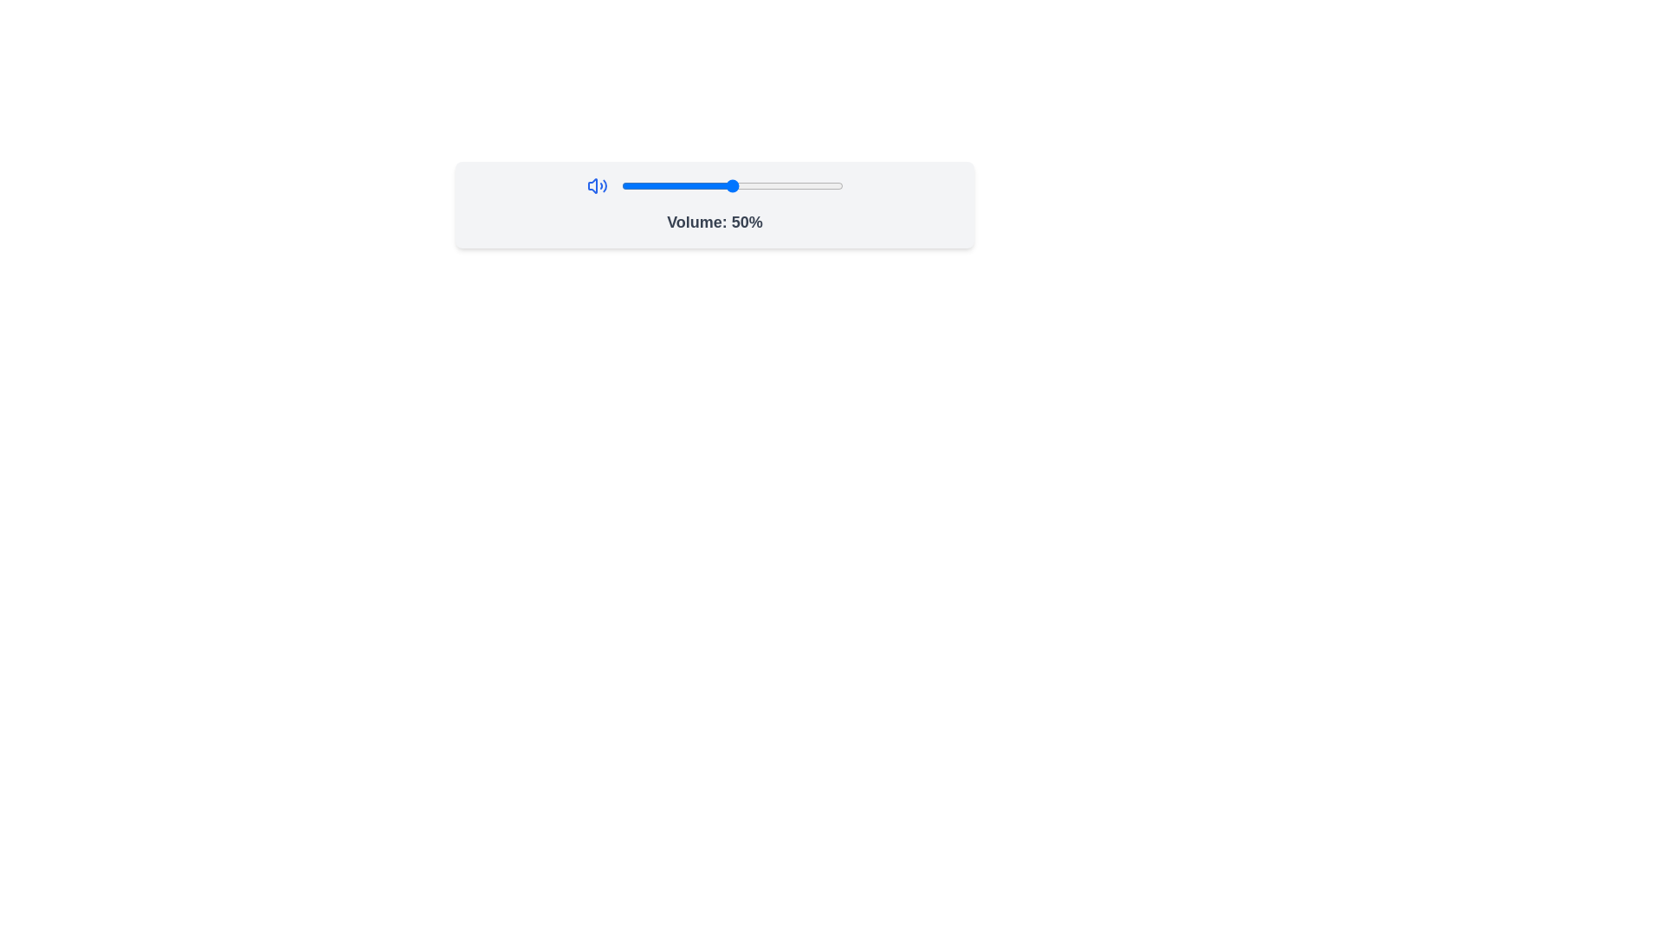  What do you see at coordinates (732, 186) in the screenshot?
I see `the handle of the horizontal range slider, which is centrally positioned and represents a 50% value` at bounding box center [732, 186].